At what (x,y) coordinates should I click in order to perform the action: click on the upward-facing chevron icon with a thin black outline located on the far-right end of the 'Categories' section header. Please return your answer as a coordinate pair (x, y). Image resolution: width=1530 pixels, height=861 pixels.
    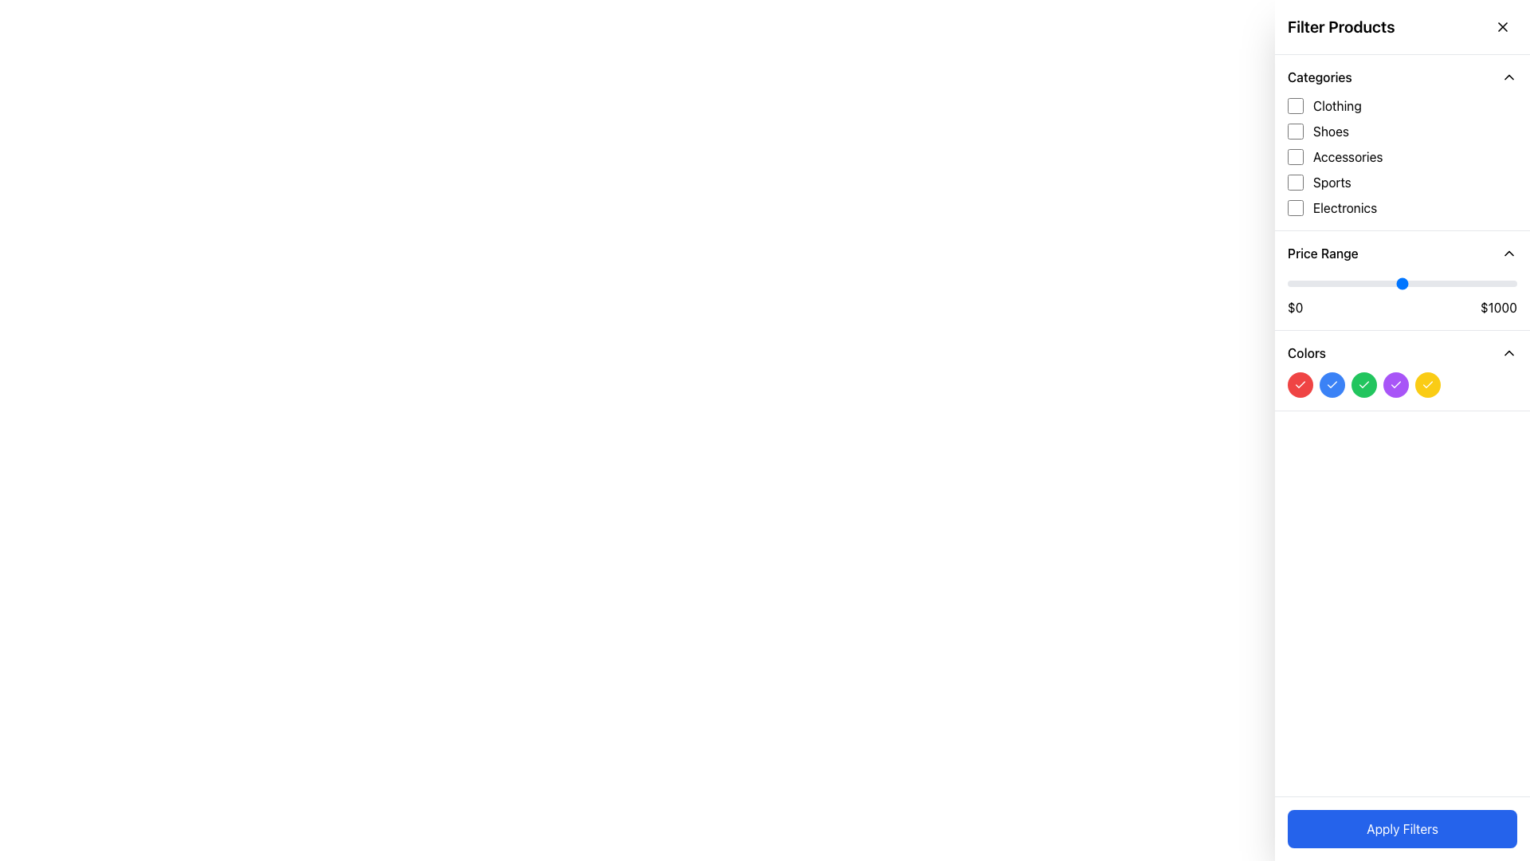
    Looking at the image, I should click on (1508, 77).